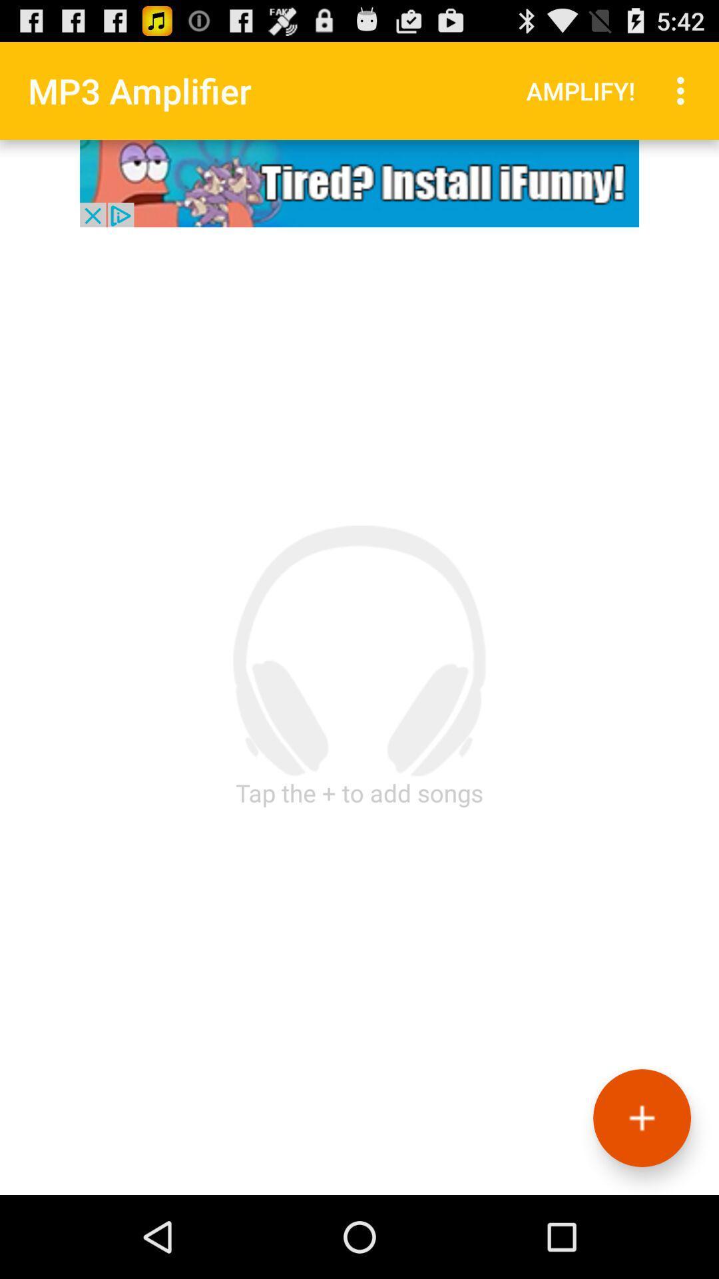 The width and height of the screenshot is (719, 1279). What do you see at coordinates (359, 183) in the screenshot?
I see `this is add banner in app` at bounding box center [359, 183].